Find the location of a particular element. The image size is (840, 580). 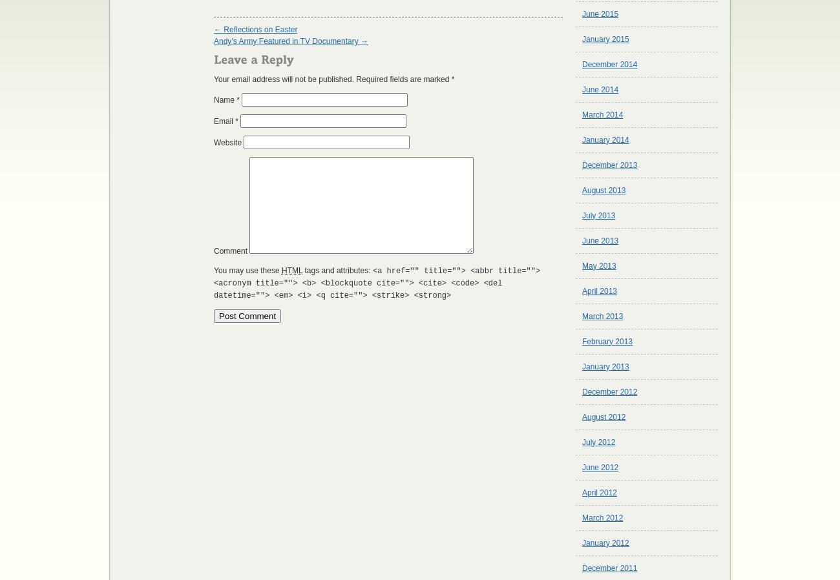

'April 2013' is located at coordinates (599, 290).